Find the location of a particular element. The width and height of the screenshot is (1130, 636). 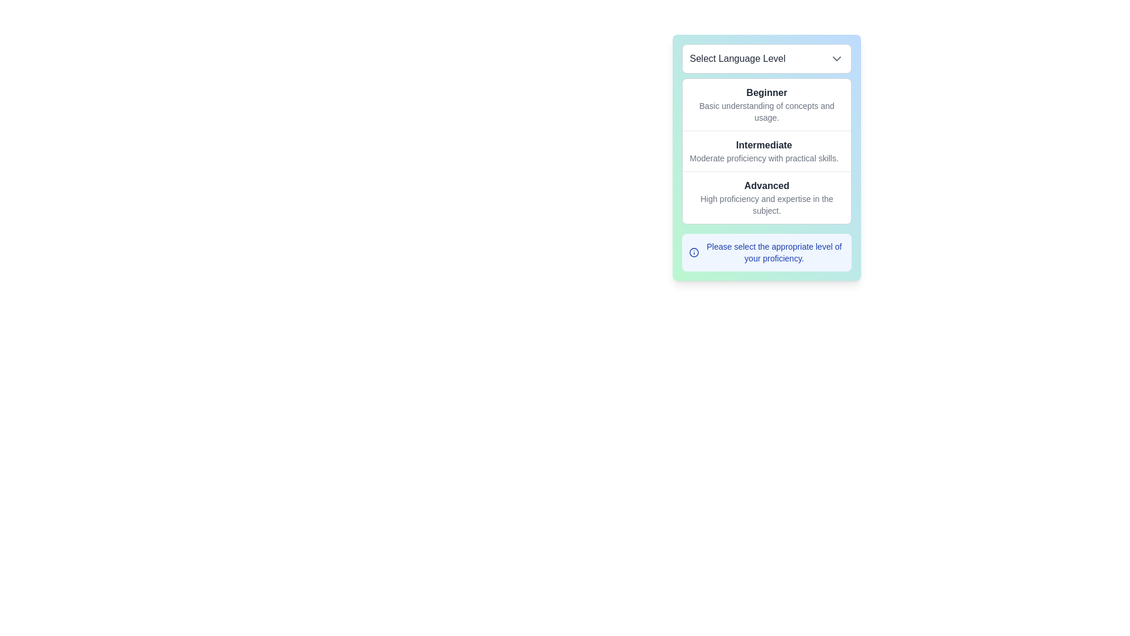

the 'Advanced' proficiency level selection element, which is the third item in a vertical list located in the central content area of the interface, positioned below 'Intermediate' and above instructional text is located at coordinates (766, 197).